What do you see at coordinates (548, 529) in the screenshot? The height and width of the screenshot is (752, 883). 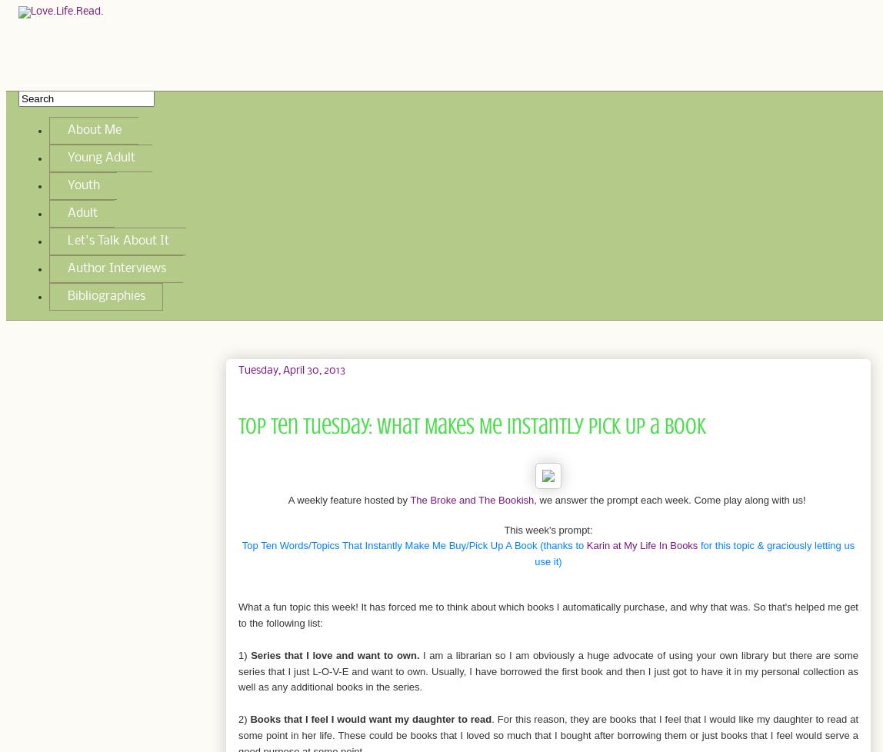 I see `'This week's prompt:'` at bounding box center [548, 529].